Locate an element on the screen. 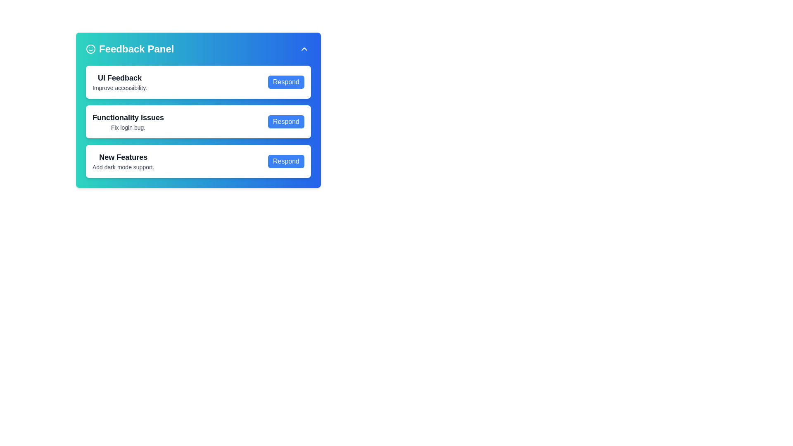 This screenshot has width=793, height=446. the text element displaying the heading 'Functionality Issues', which is styled as a bold subheading within the feedback panel is located at coordinates (128, 118).